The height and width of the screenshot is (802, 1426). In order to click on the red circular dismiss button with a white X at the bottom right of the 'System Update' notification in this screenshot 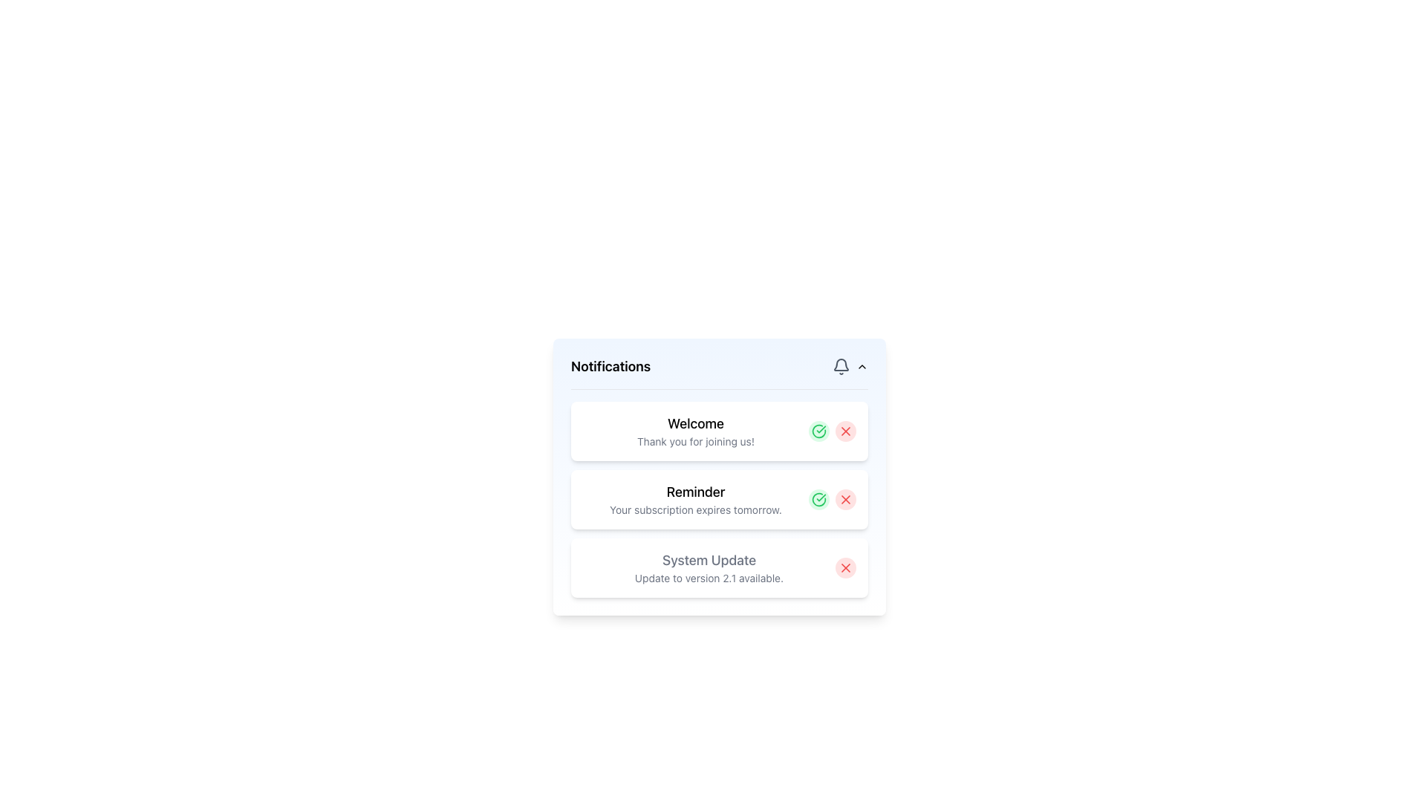, I will do `click(845, 567)`.